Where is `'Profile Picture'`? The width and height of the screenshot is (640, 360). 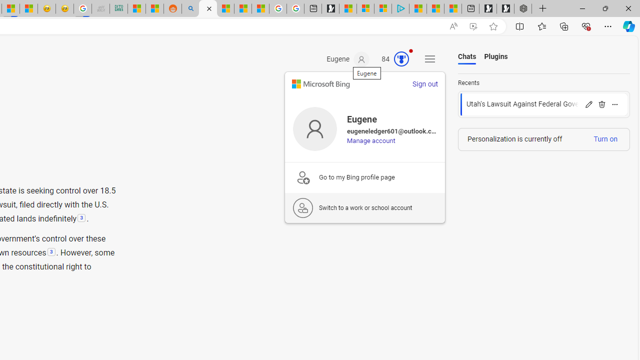 'Profile Picture' is located at coordinates (314, 128).